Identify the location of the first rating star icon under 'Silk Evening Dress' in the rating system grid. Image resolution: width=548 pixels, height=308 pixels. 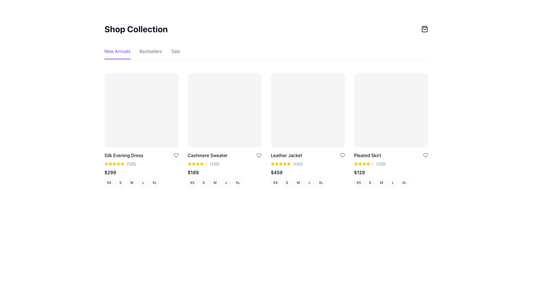
(110, 164).